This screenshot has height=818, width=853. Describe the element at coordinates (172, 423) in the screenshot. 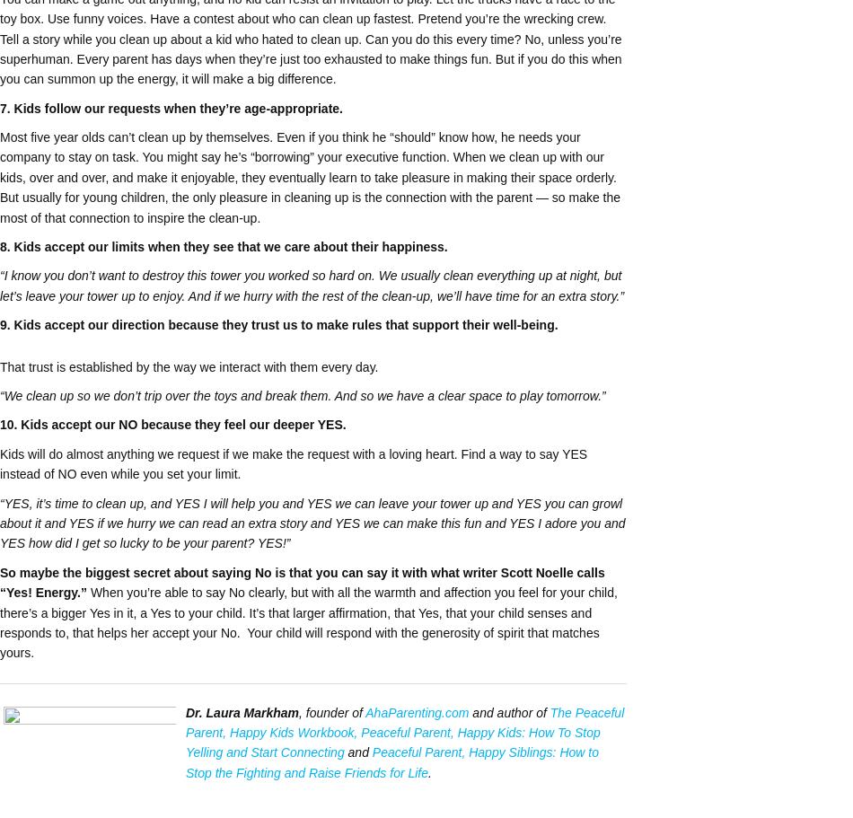

I see `'10. Kids accept our NO because they feel our deeper YES.'` at that location.